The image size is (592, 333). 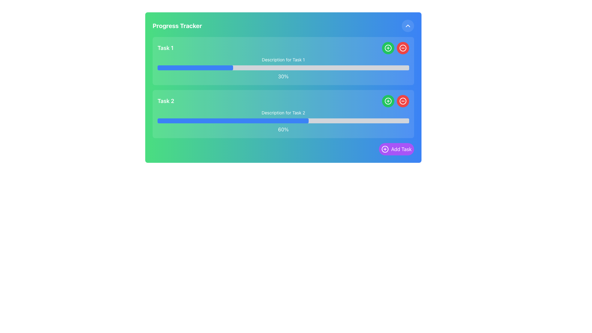 What do you see at coordinates (195, 68) in the screenshot?
I see `the Progress Bar, which is a horizontal blue bar with rounded corners located within a gray rectangular area under the heading 'Task 1' in the 'Progress Tracker' section` at bounding box center [195, 68].